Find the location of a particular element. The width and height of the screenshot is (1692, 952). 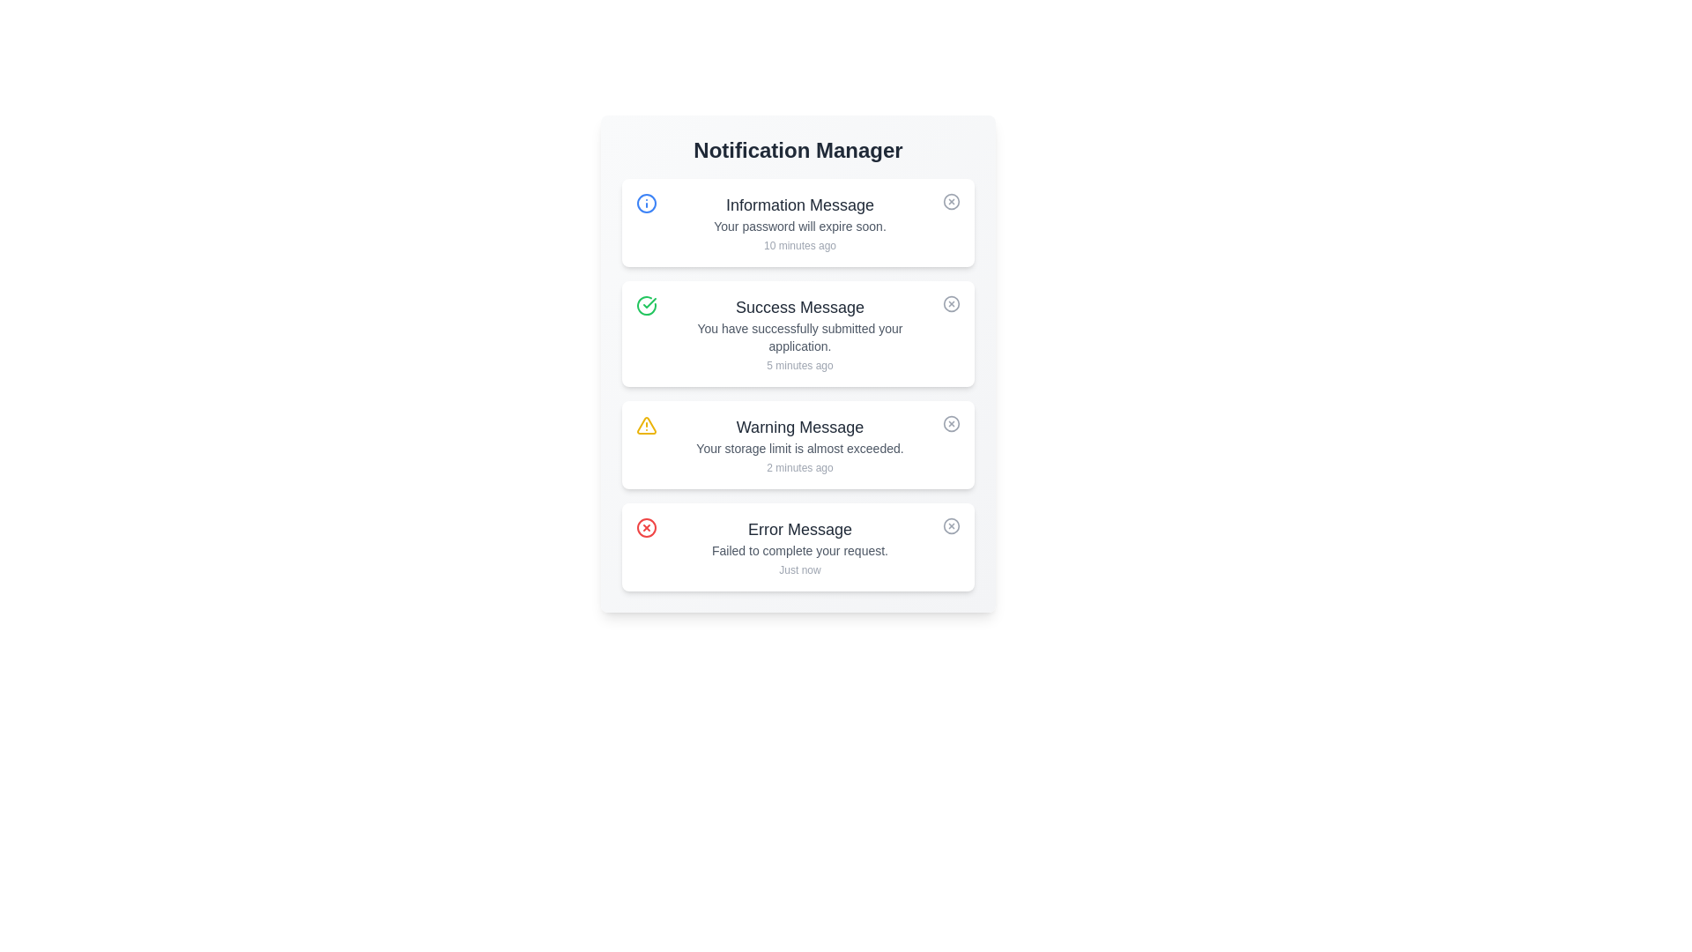

text content of the Text Label displaying 'Error Message' in bold, large font, styled with a dark gray color, located at the top of the notification card is located at coordinates (798, 529).